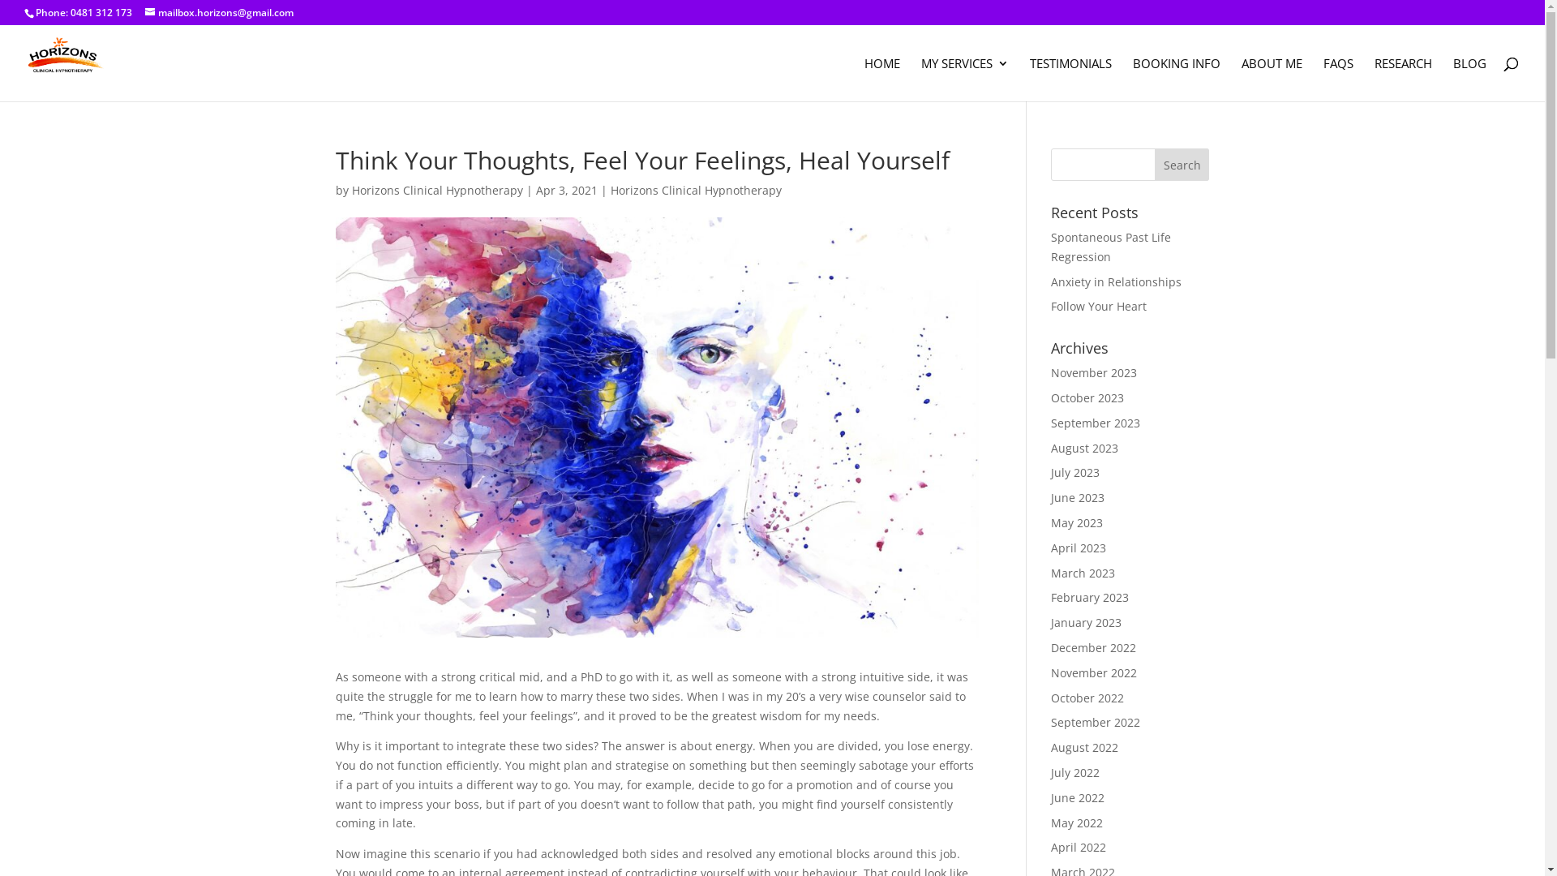 The width and height of the screenshot is (1557, 876). Describe the element at coordinates (1109, 247) in the screenshot. I see `'Spontaneous Past Life Regression'` at that location.